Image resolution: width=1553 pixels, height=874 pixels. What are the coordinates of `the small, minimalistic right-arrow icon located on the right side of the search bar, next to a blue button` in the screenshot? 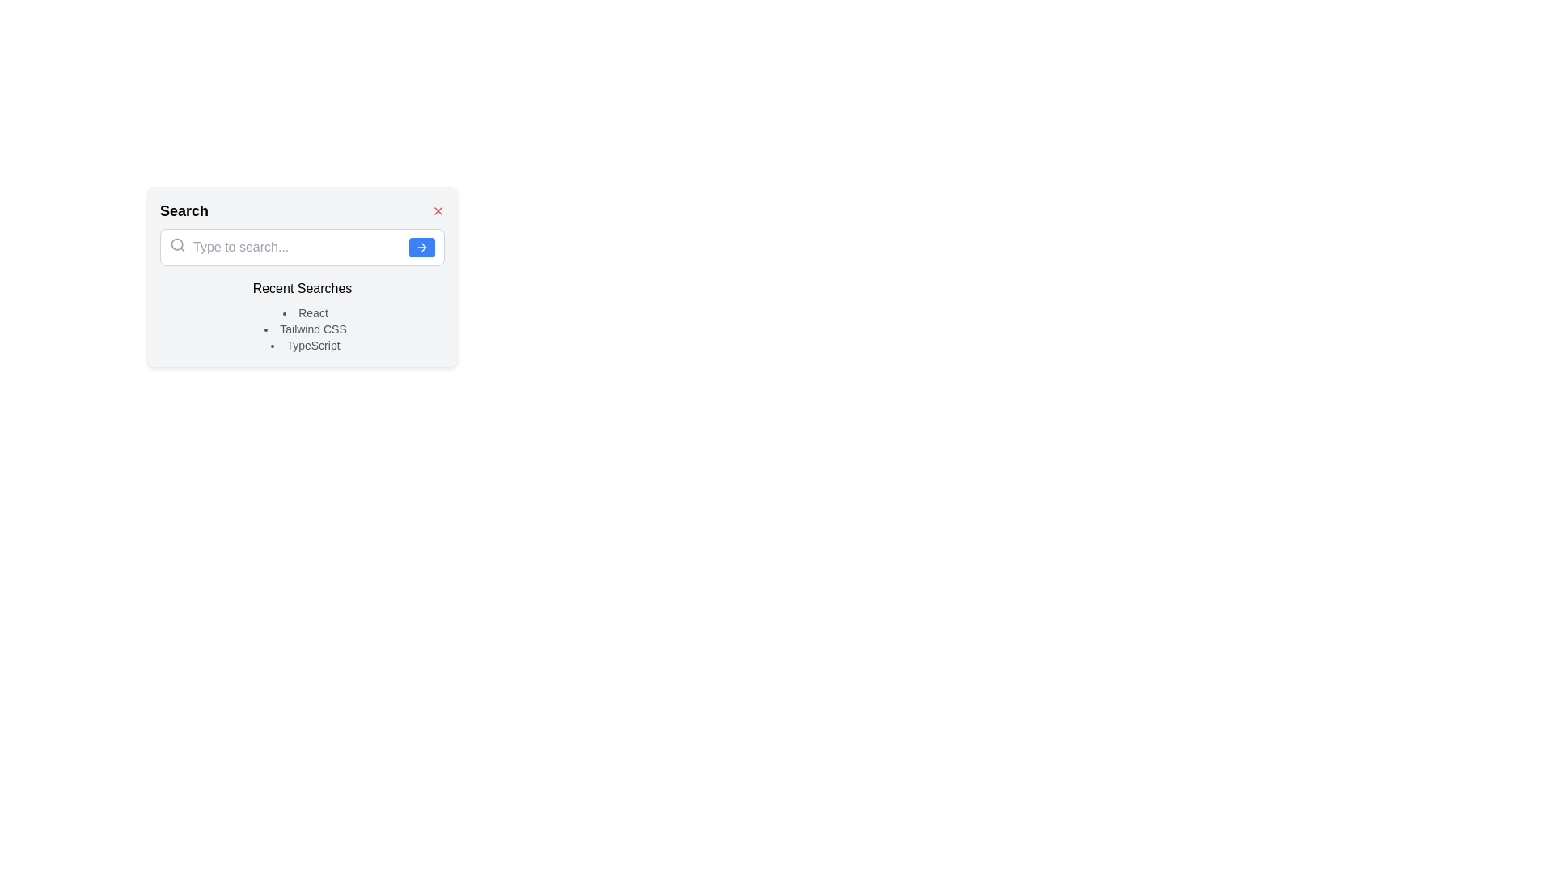 It's located at (424, 247).